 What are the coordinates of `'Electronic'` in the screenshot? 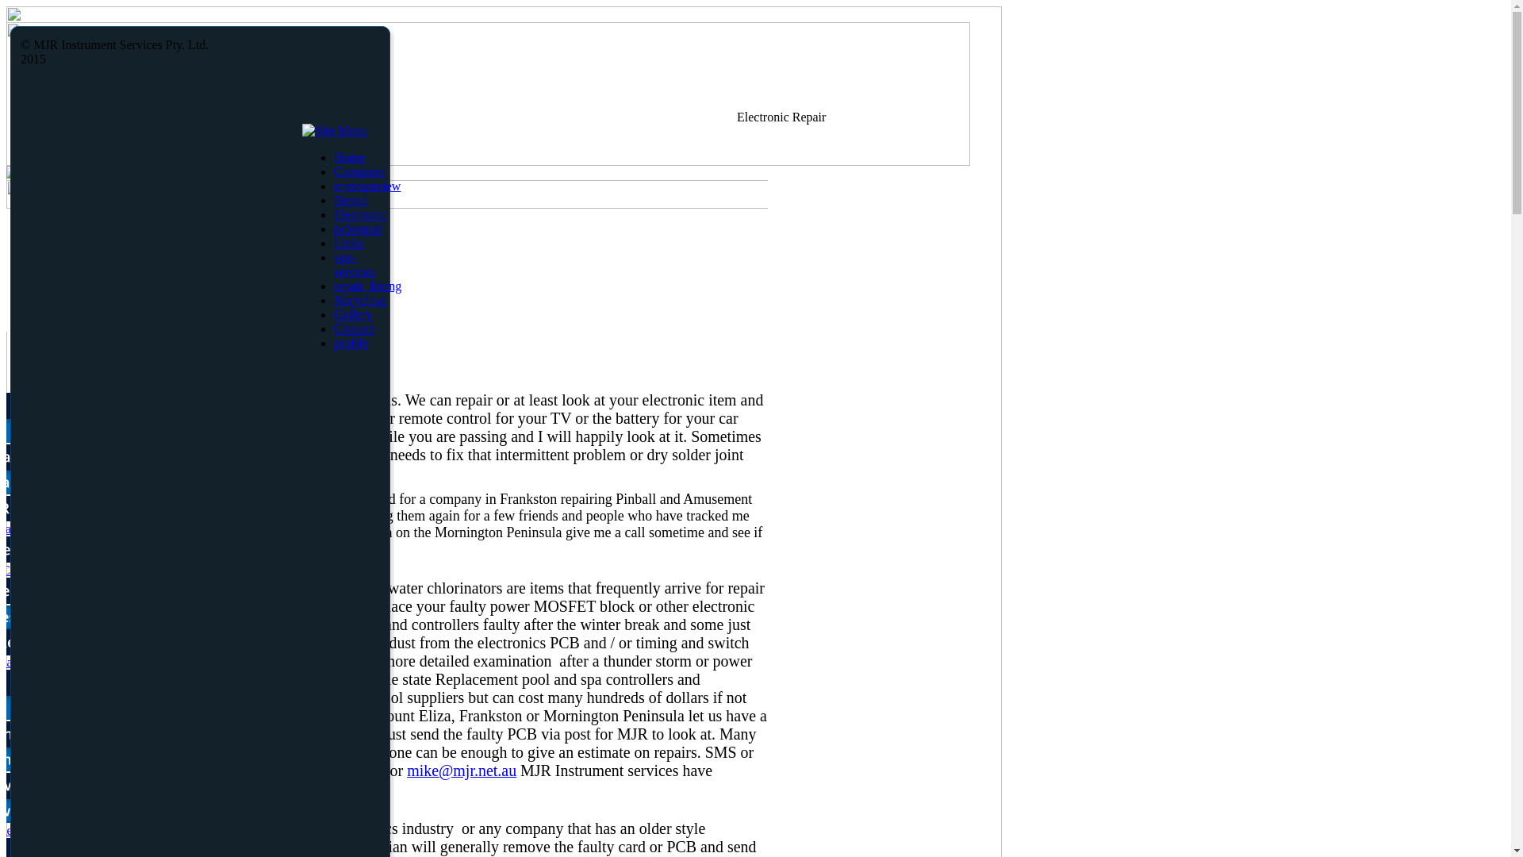 It's located at (359, 214).